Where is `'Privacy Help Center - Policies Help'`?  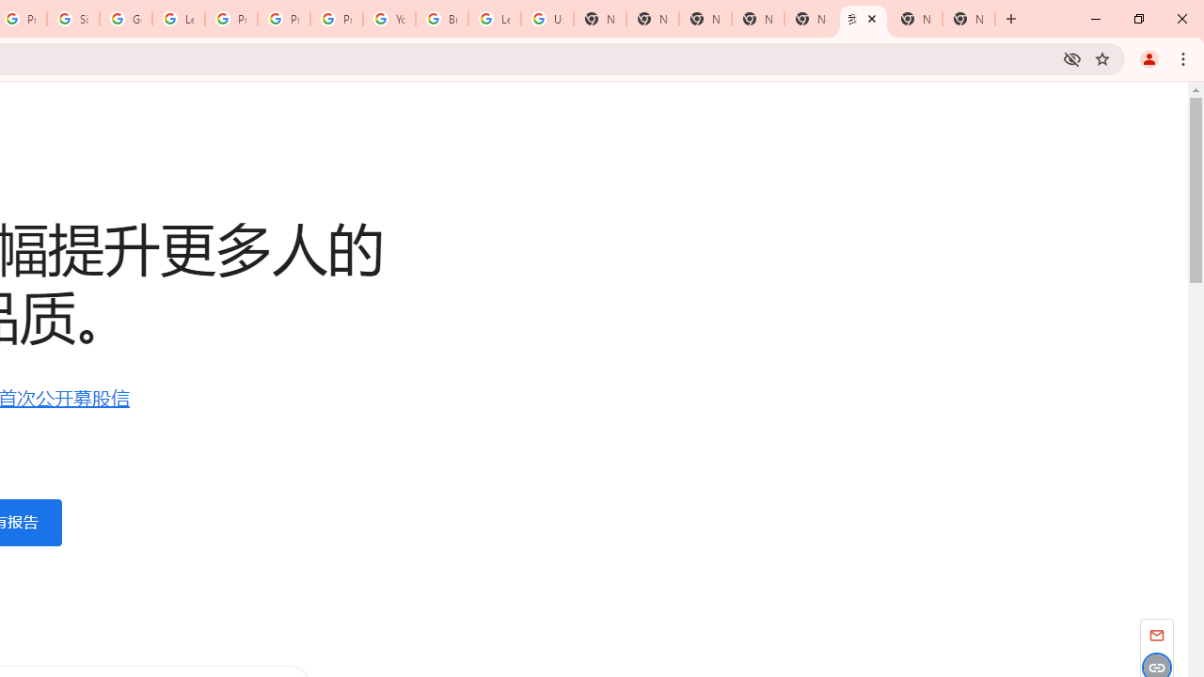 'Privacy Help Center - Policies Help' is located at coordinates (283, 19).